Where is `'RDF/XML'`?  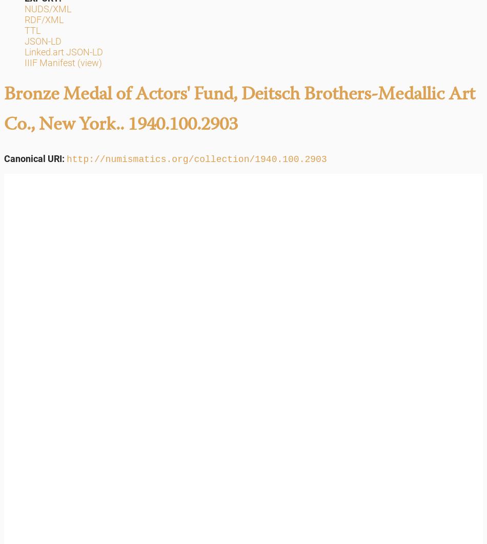 'RDF/XML' is located at coordinates (44, 19).